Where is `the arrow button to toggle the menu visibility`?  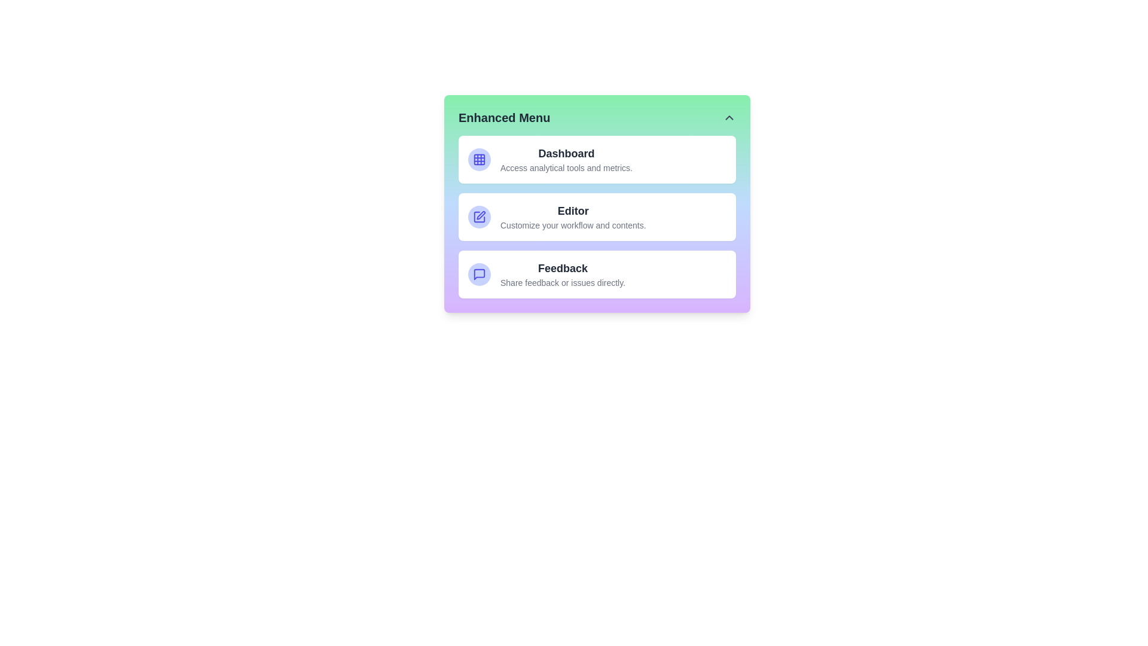
the arrow button to toggle the menu visibility is located at coordinates (728, 117).